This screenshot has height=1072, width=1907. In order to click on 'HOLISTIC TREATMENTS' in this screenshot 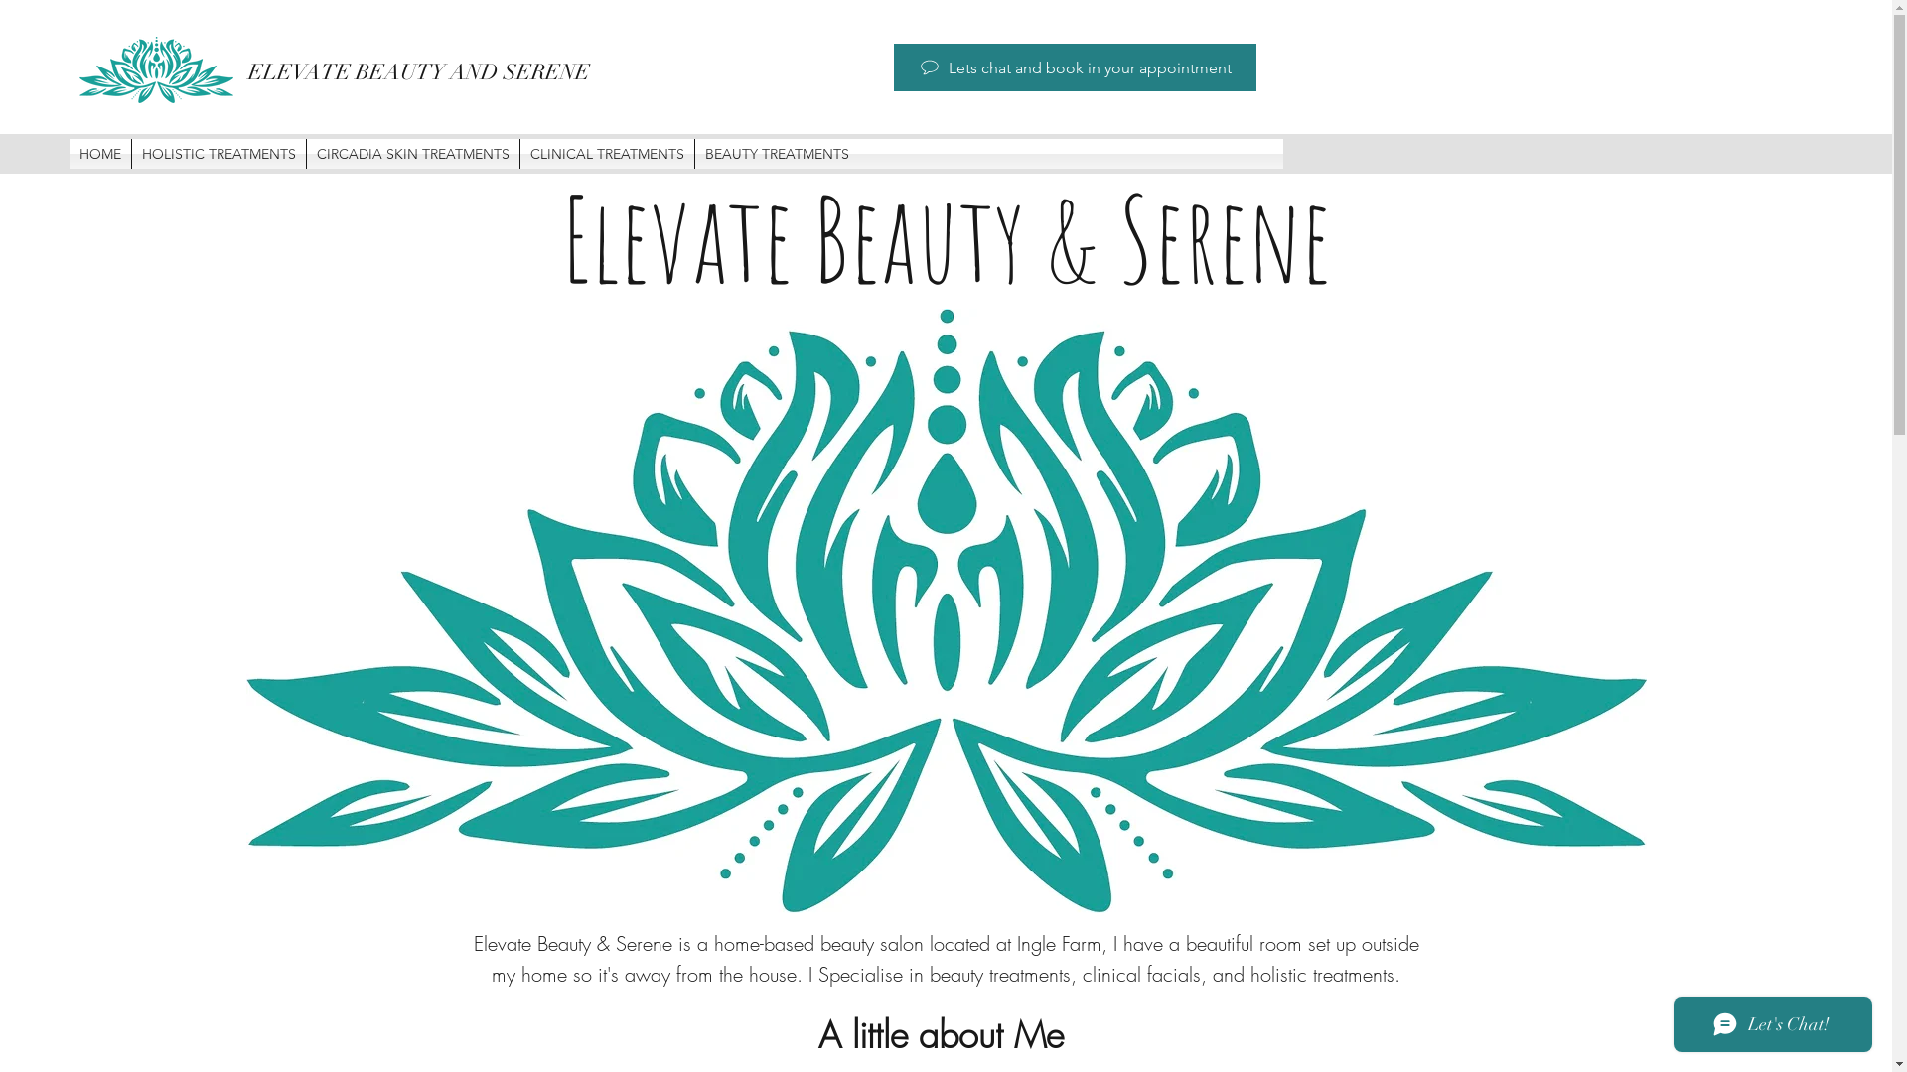, I will do `click(219, 152)`.